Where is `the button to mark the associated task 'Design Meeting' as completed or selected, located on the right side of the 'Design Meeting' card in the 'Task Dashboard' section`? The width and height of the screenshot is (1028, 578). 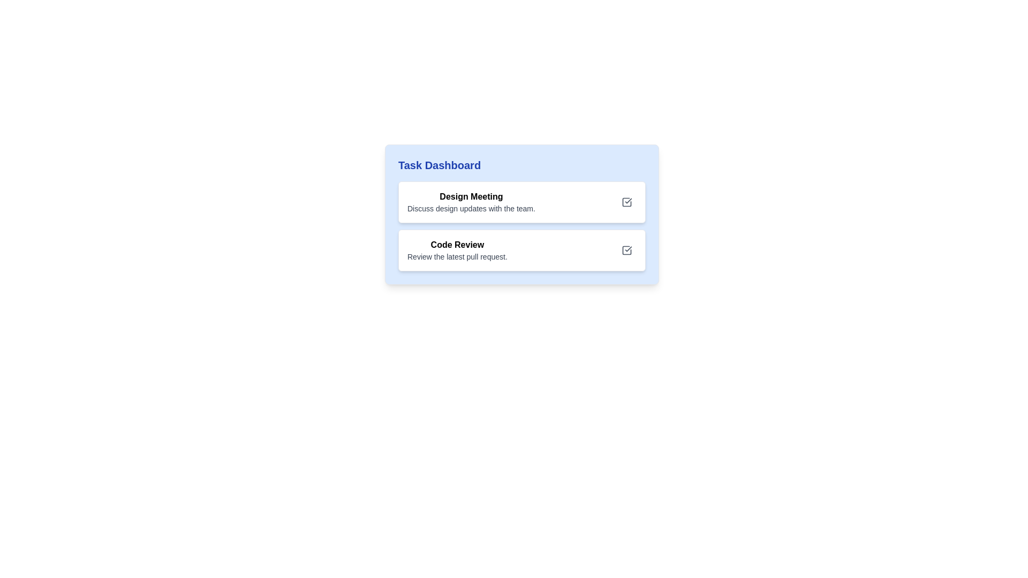
the button to mark the associated task 'Design Meeting' as completed or selected, located on the right side of the 'Design Meeting' card in the 'Task Dashboard' section is located at coordinates (627, 202).